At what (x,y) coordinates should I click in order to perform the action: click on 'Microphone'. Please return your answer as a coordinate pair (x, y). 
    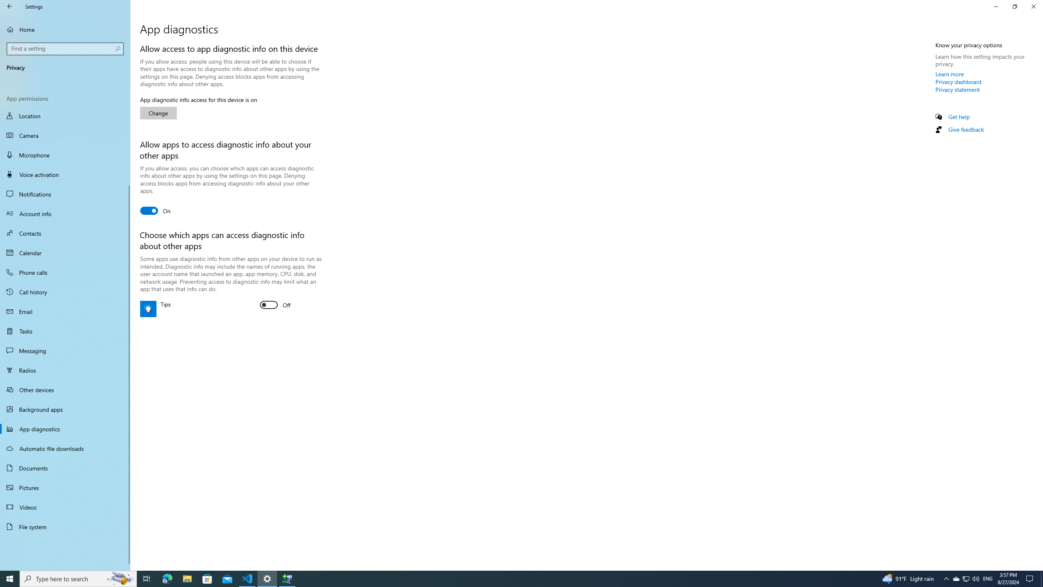
    Looking at the image, I should click on (65, 154).